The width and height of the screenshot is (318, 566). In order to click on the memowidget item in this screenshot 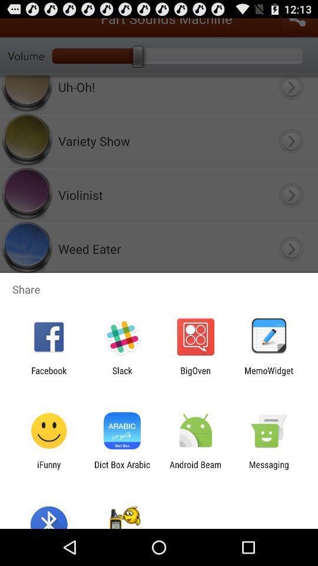, I will do `click(269, 375)`.